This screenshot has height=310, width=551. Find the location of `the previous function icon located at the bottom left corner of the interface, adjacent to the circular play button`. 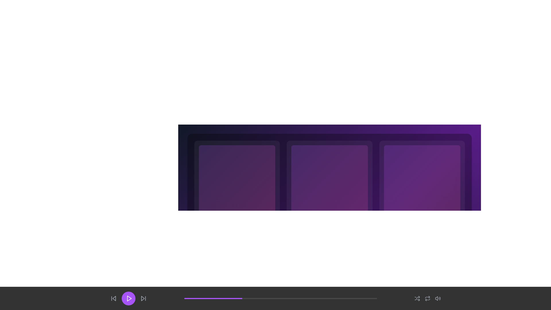

the previous function icon located at the bottom left corner of the interface, adjacent to the circular play button is located at coordinates (114, 298).